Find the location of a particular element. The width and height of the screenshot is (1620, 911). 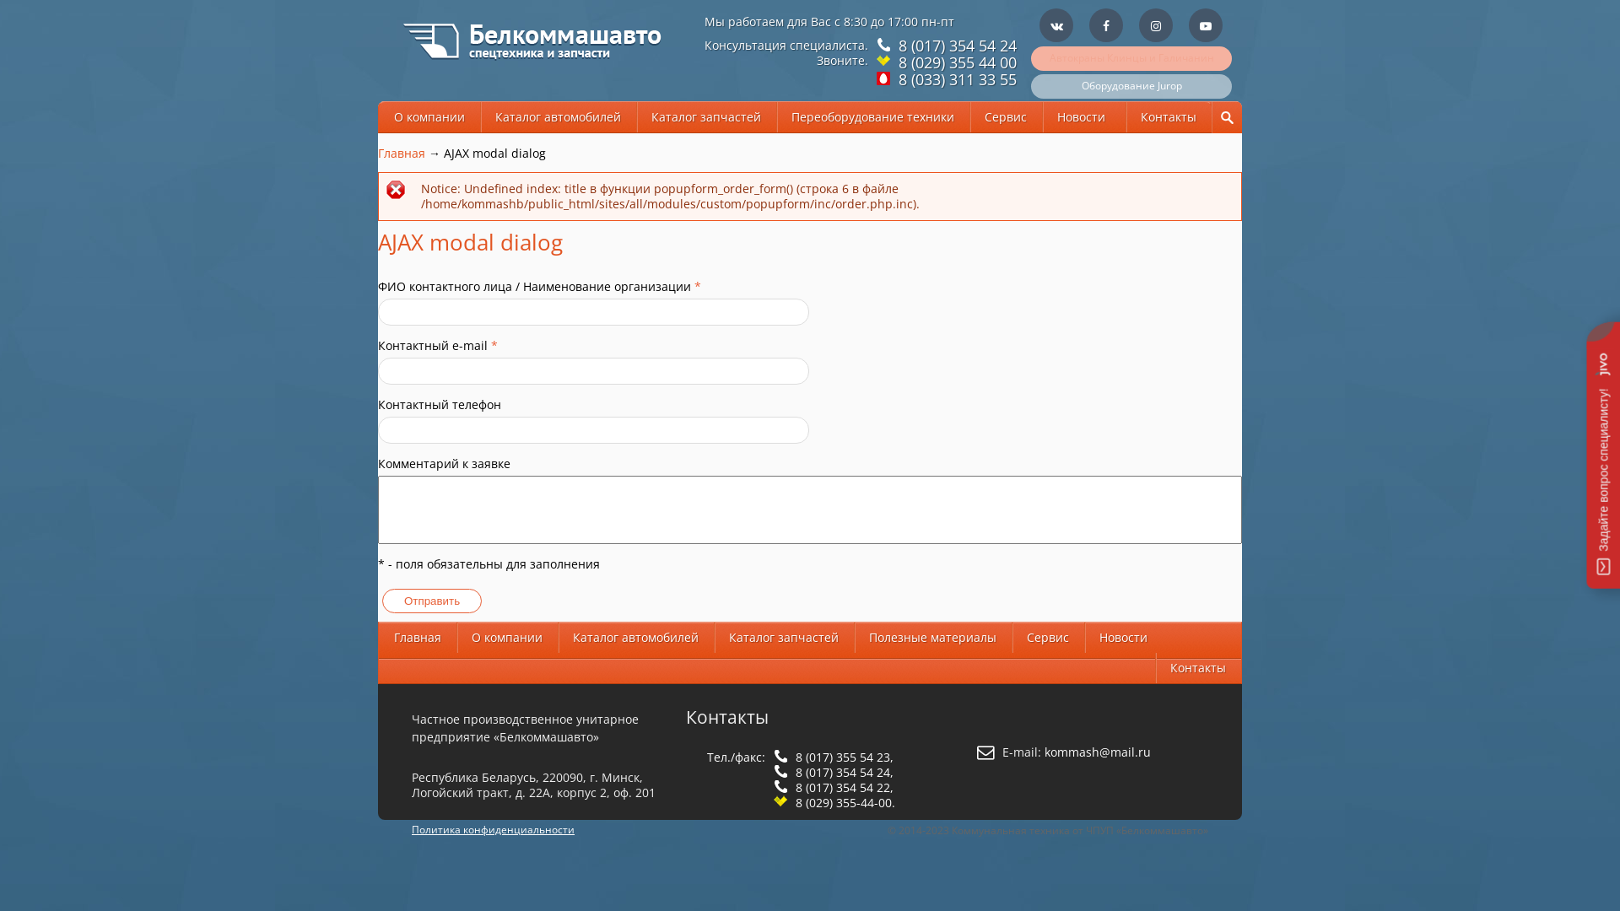

'8 (033) 311 33 55' is located at coordinates (894, 78).